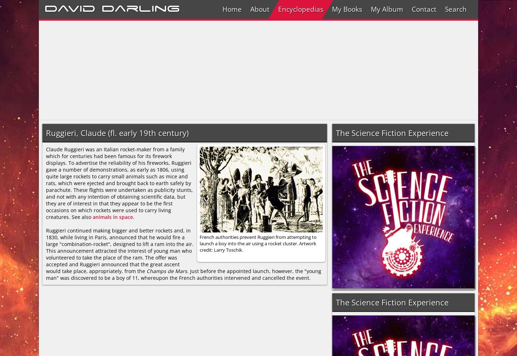  What do you see at coordinates (424, 9) in the screenshot?
I see `'Contact'` at bounding box center [424, 9].